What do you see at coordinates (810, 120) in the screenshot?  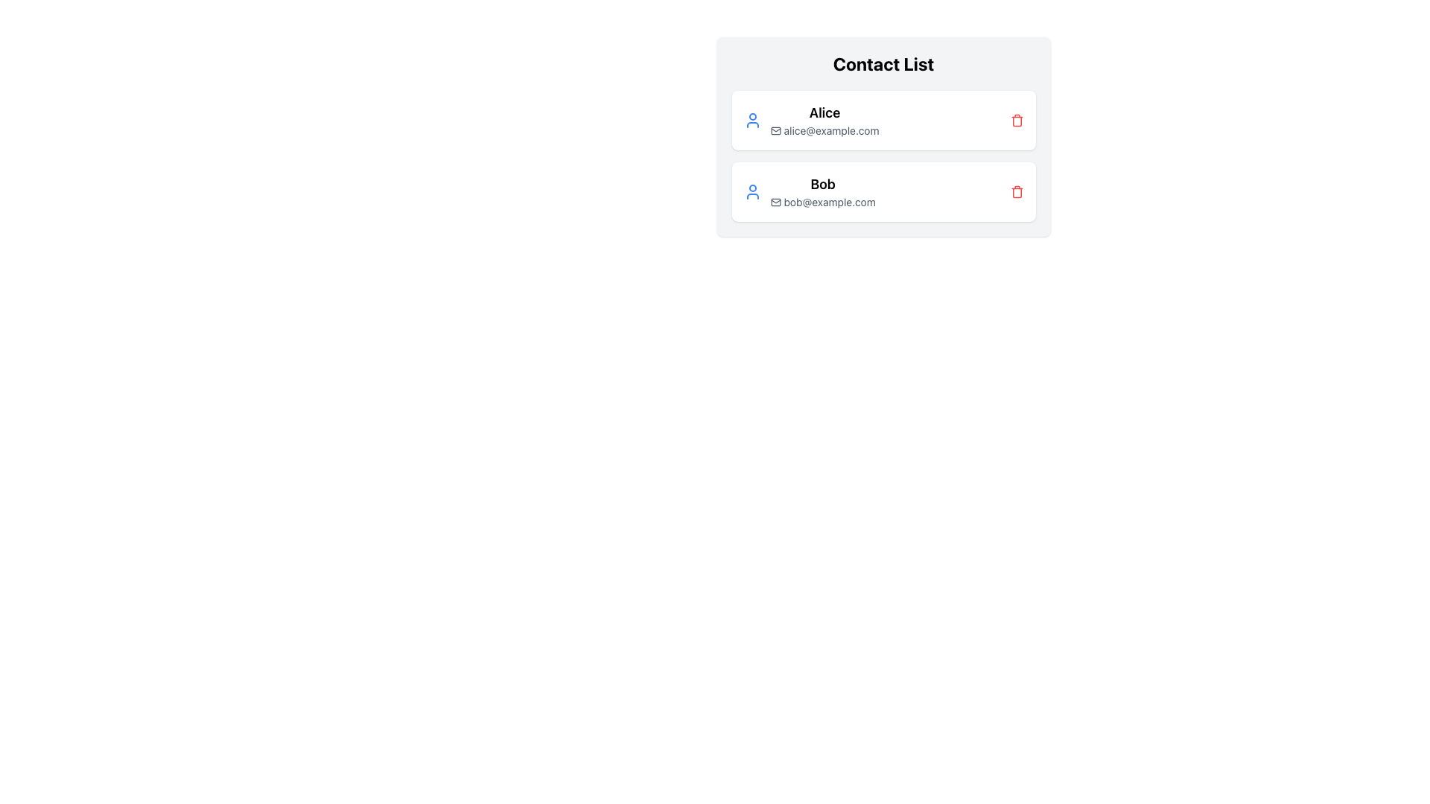 I see `the contact display item representing the user's name and email, located at the top-left corner of the contact list card above Bob's entry` at bounding box center [810, 120].